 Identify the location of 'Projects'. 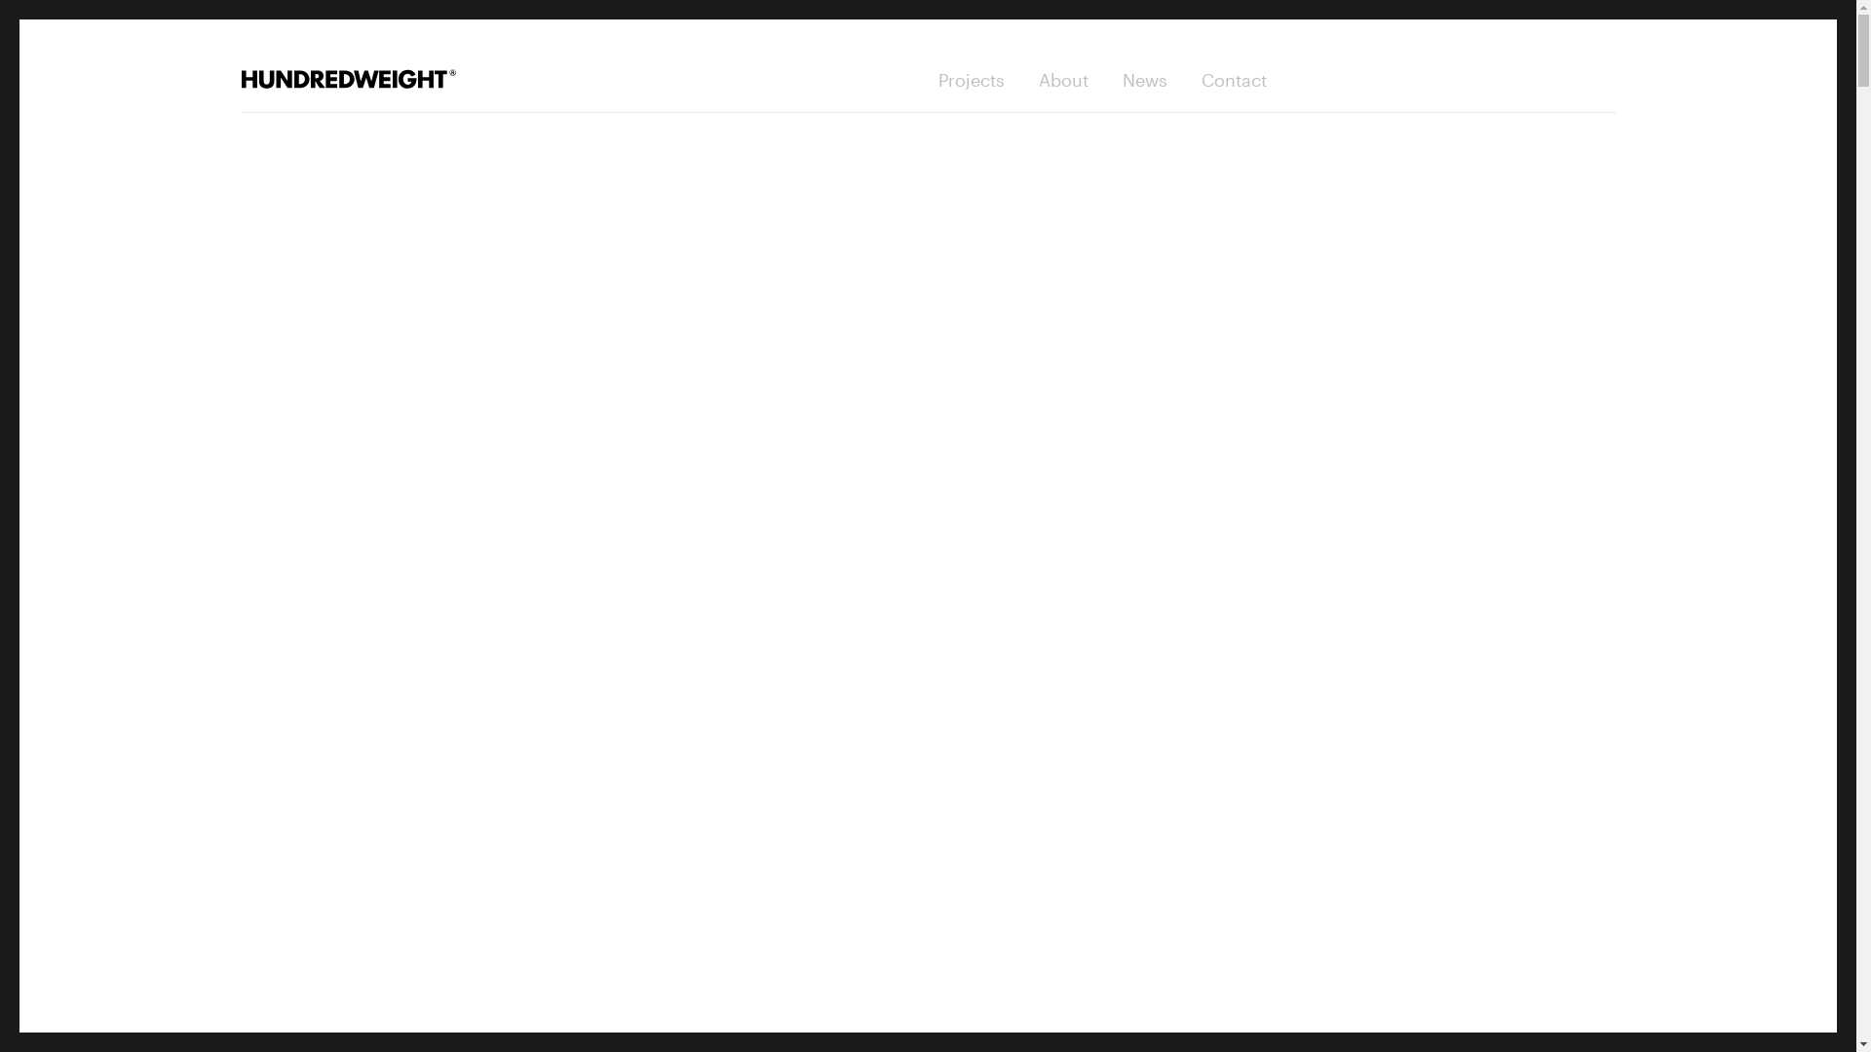
(971, 78).